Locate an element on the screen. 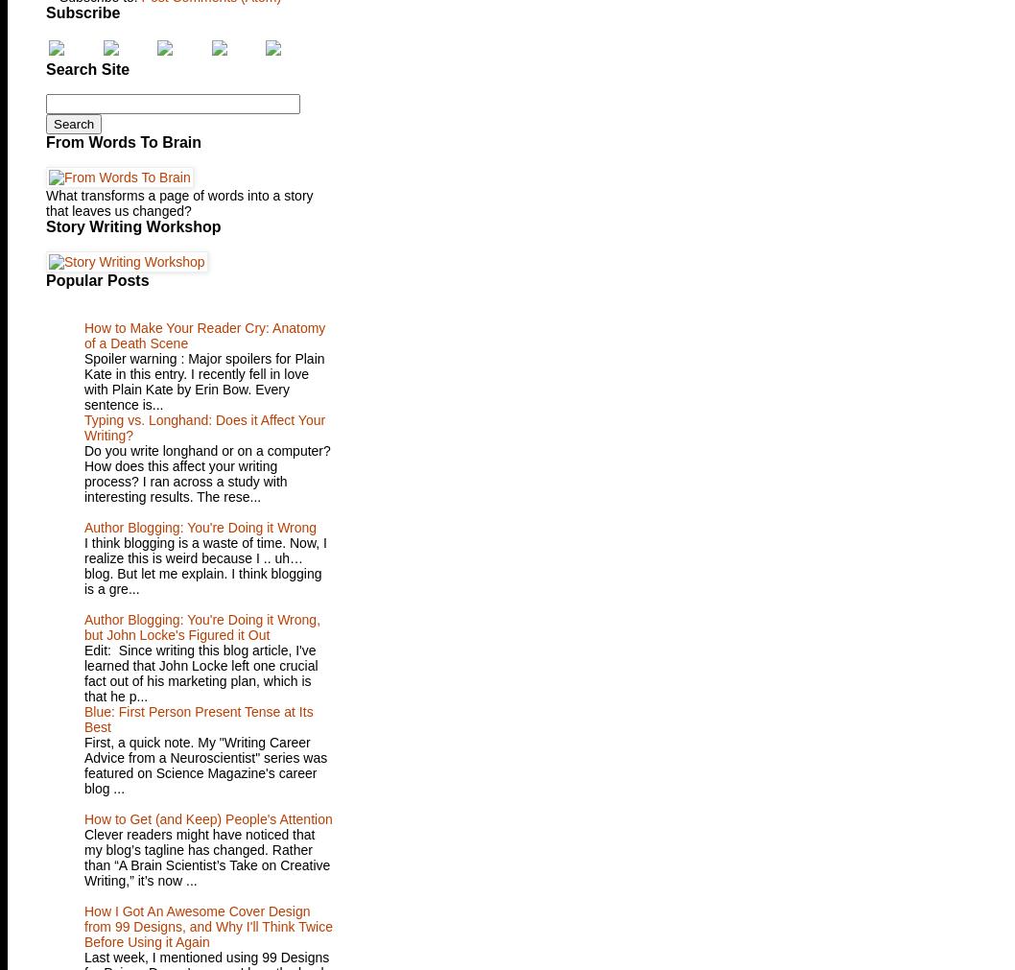 This screenshot has height=970, width=1015. 'Search Site' is located at coordinates (86, 68).